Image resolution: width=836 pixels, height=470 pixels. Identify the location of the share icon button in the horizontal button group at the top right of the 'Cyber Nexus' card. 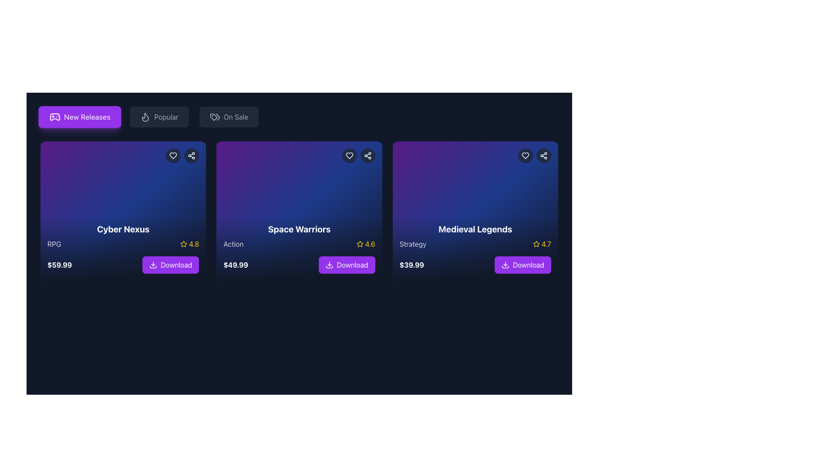
(182, 155).